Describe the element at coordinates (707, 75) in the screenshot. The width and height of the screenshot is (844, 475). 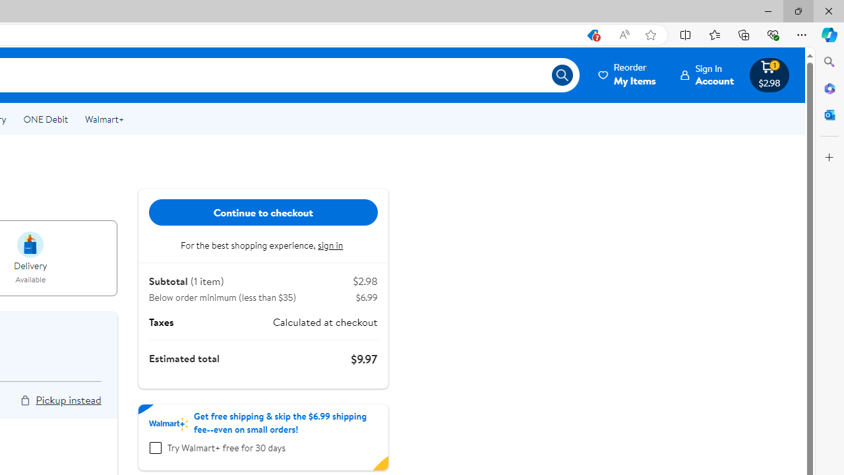
I see `'Sign InAccount'` at that location.